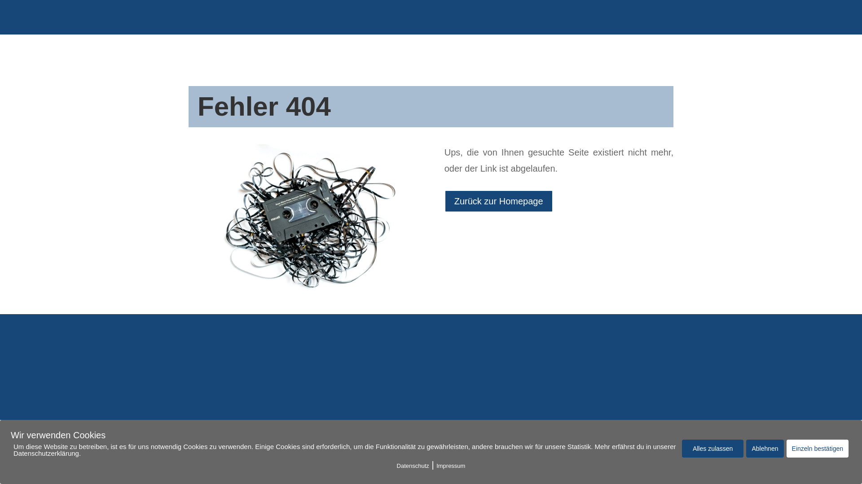 The height and width of the screenshot is (484, 862). I want to click on 'Impressum', so click(450, 465).